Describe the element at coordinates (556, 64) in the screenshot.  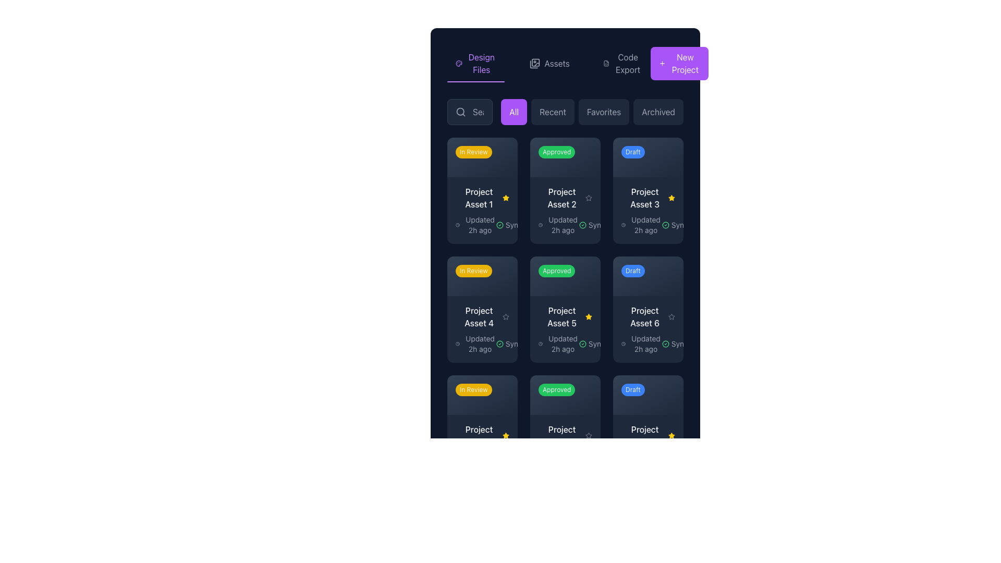
I see `label of the text navigation item displaying 'Assets' located in the toolbar at the top of the interface` at that location.